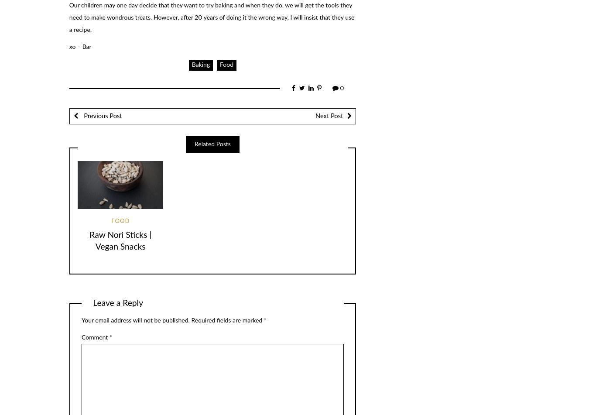  Describe the element at coordinates (328, 116) in the screenshot. I see `'Next Post'` at that location.